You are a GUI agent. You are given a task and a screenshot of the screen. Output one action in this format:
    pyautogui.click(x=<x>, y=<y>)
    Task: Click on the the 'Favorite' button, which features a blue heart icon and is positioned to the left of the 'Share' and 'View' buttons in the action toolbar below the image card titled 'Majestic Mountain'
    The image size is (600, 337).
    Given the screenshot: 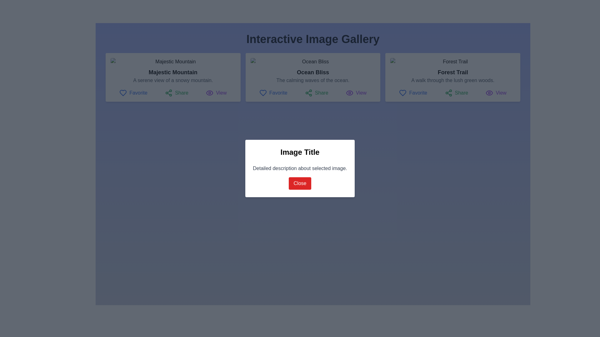 What is the action you would take?
    pyautogui.click(x=133, y=93)
    